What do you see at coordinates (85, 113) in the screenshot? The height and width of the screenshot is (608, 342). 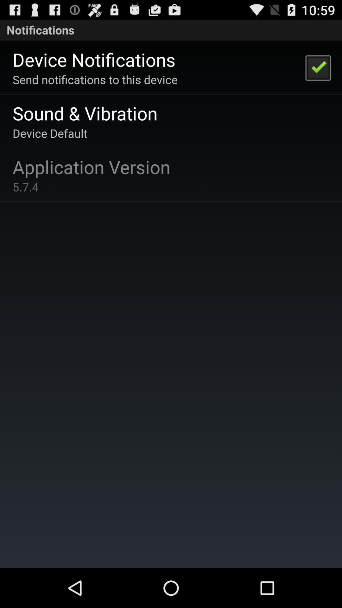 I see `the sound & vibration icon` at bounding box center [85, 113].